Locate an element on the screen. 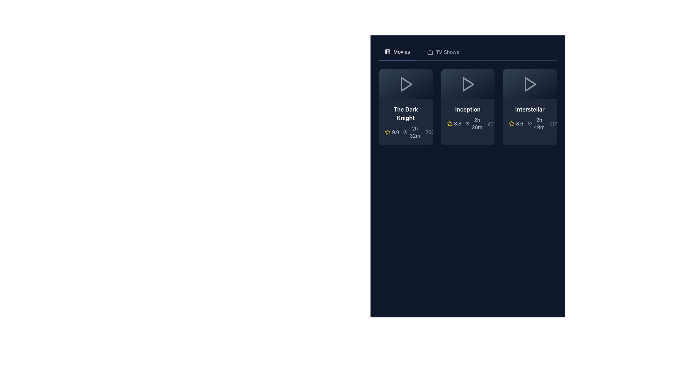 This screenshot has height=386, width=686. the play button in the top-left corner of the movie card representing 'The Dark Knight' to initiate playback is located at coordinates (406, 84).